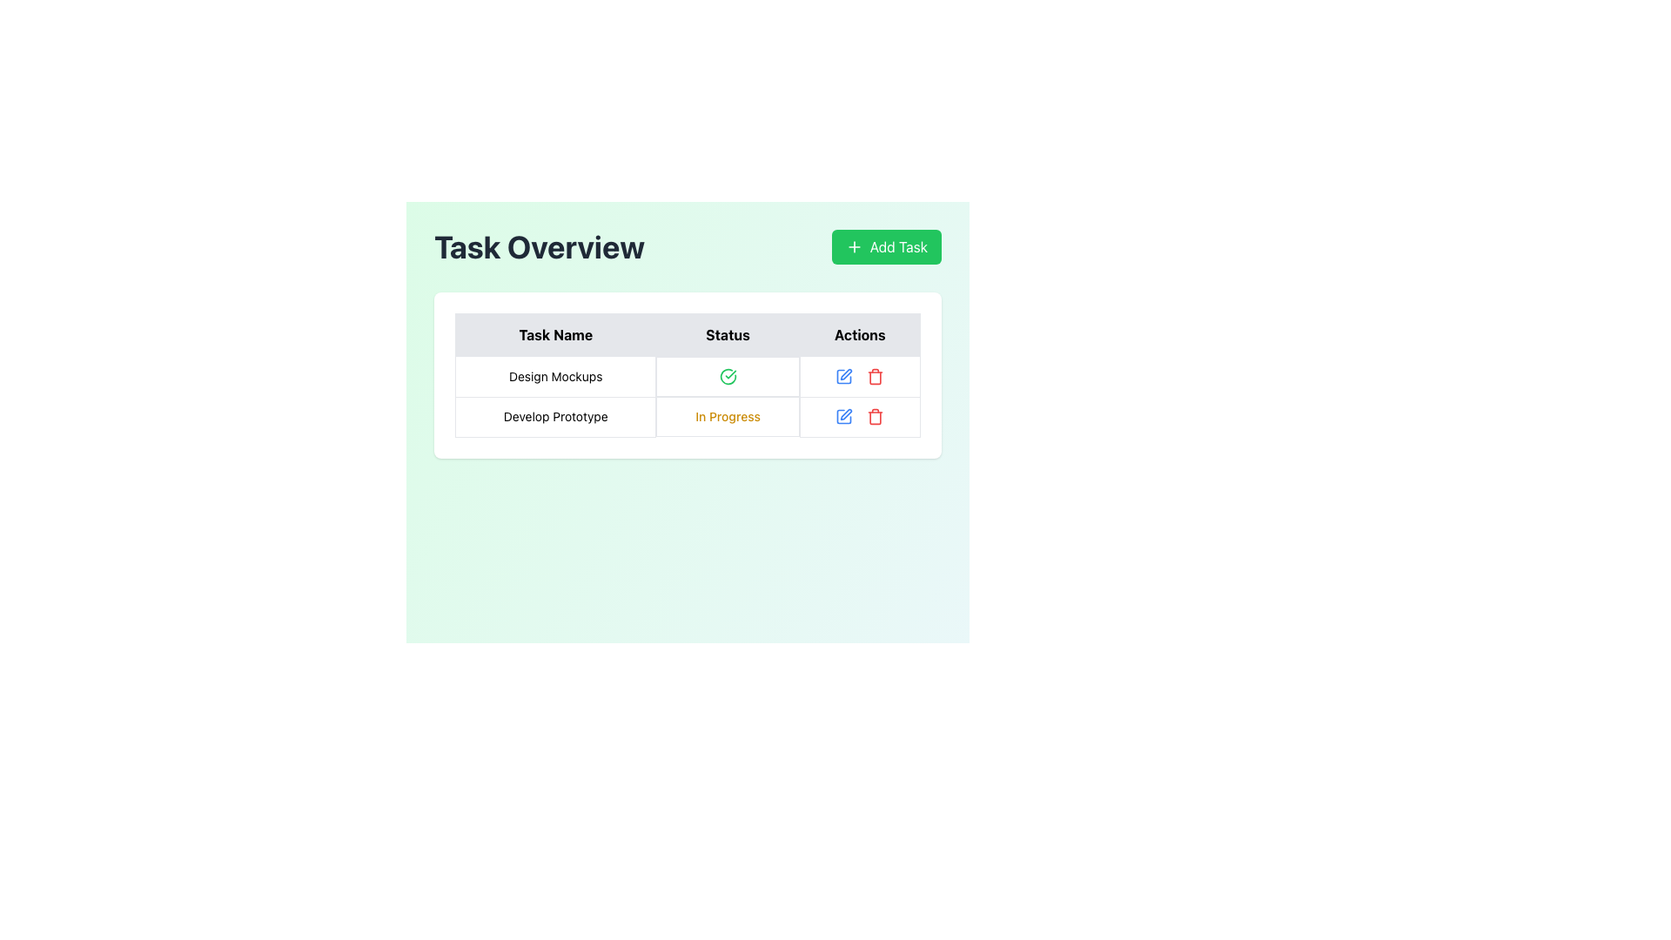  Describe the element at coordinates (886, 247) in the screenshot. I see `the 'Add Task' button, which is a rectangular button with a vibrant green background and white text, located at the top-right of the interface` at that location.